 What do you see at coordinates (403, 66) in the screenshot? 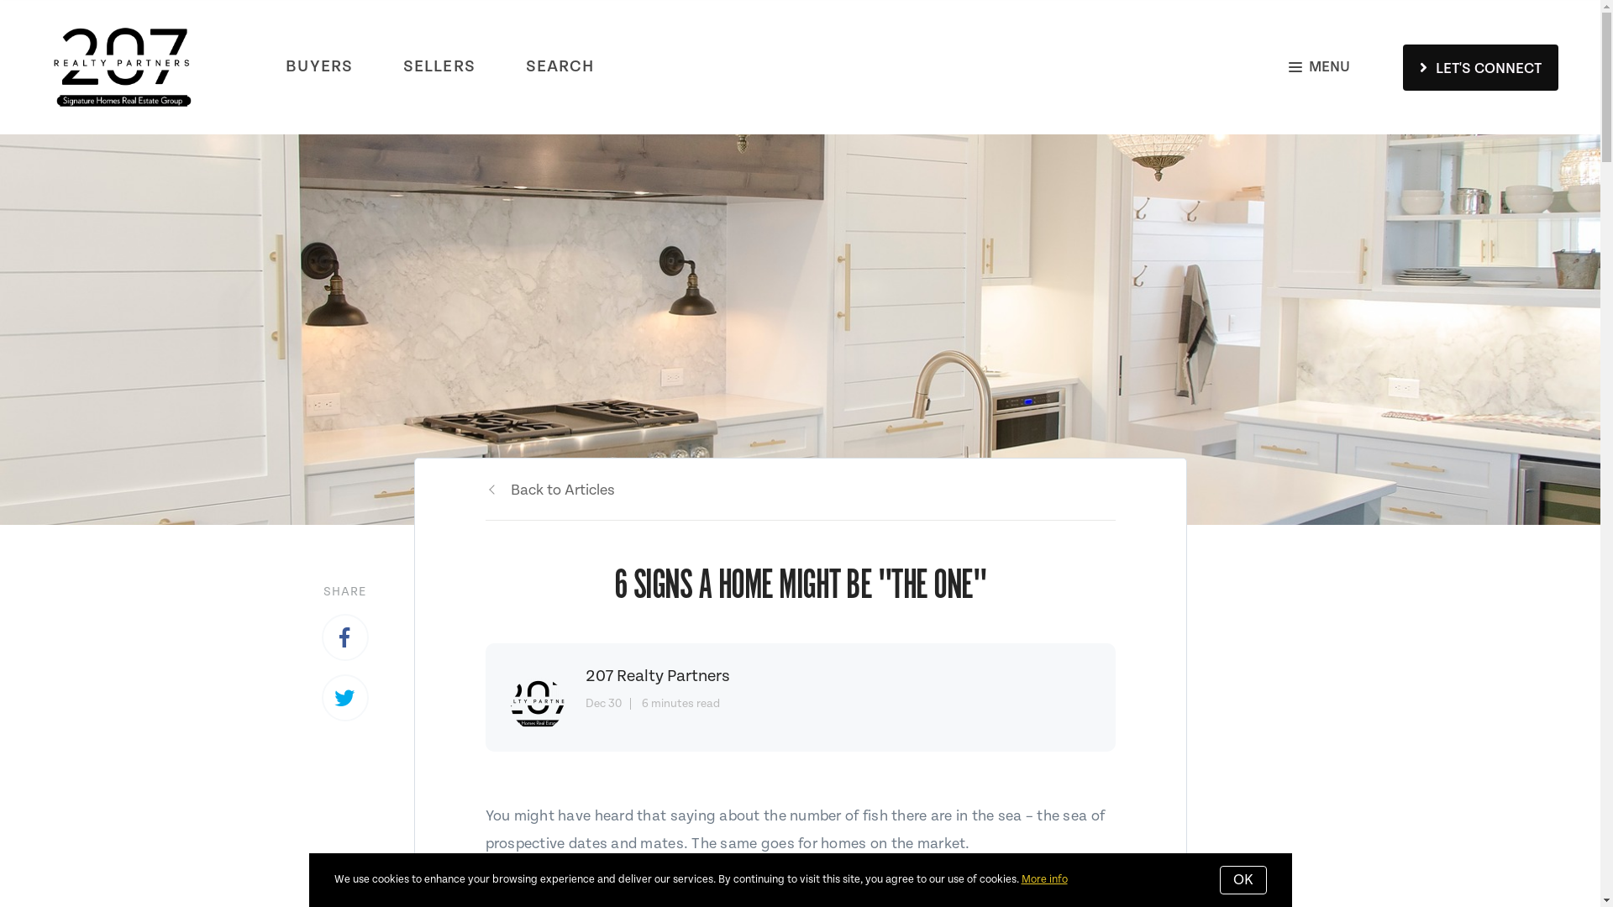
I see `'SELLERS'` at bounding box center [403, 66].